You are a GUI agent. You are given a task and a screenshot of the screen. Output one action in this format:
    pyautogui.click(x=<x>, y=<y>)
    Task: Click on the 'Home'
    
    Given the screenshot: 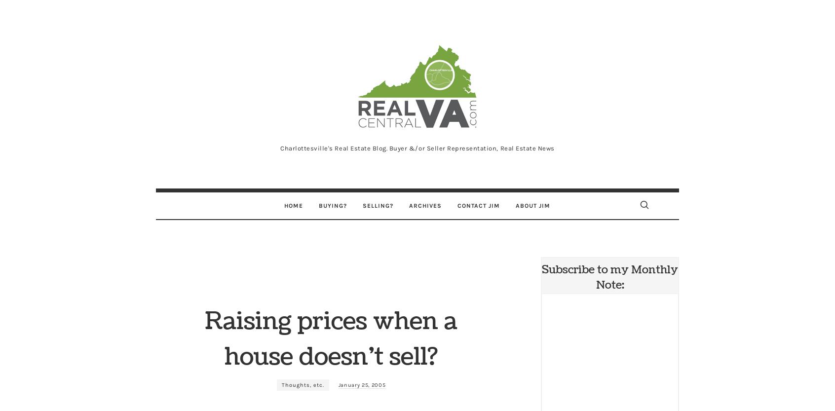 What is the action you would take?
    pyautogui.click(x=293, y=205)
    